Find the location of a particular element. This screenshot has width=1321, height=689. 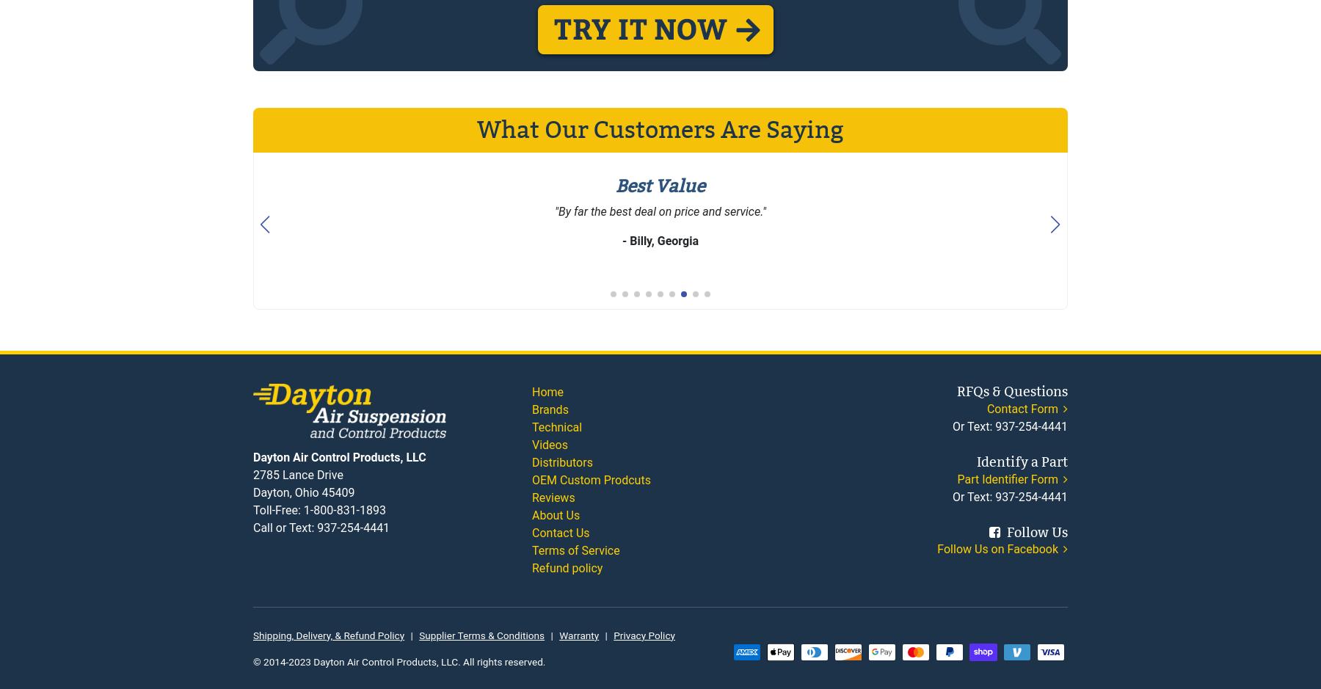

'Best Value' is located at coordinates (660, 185).